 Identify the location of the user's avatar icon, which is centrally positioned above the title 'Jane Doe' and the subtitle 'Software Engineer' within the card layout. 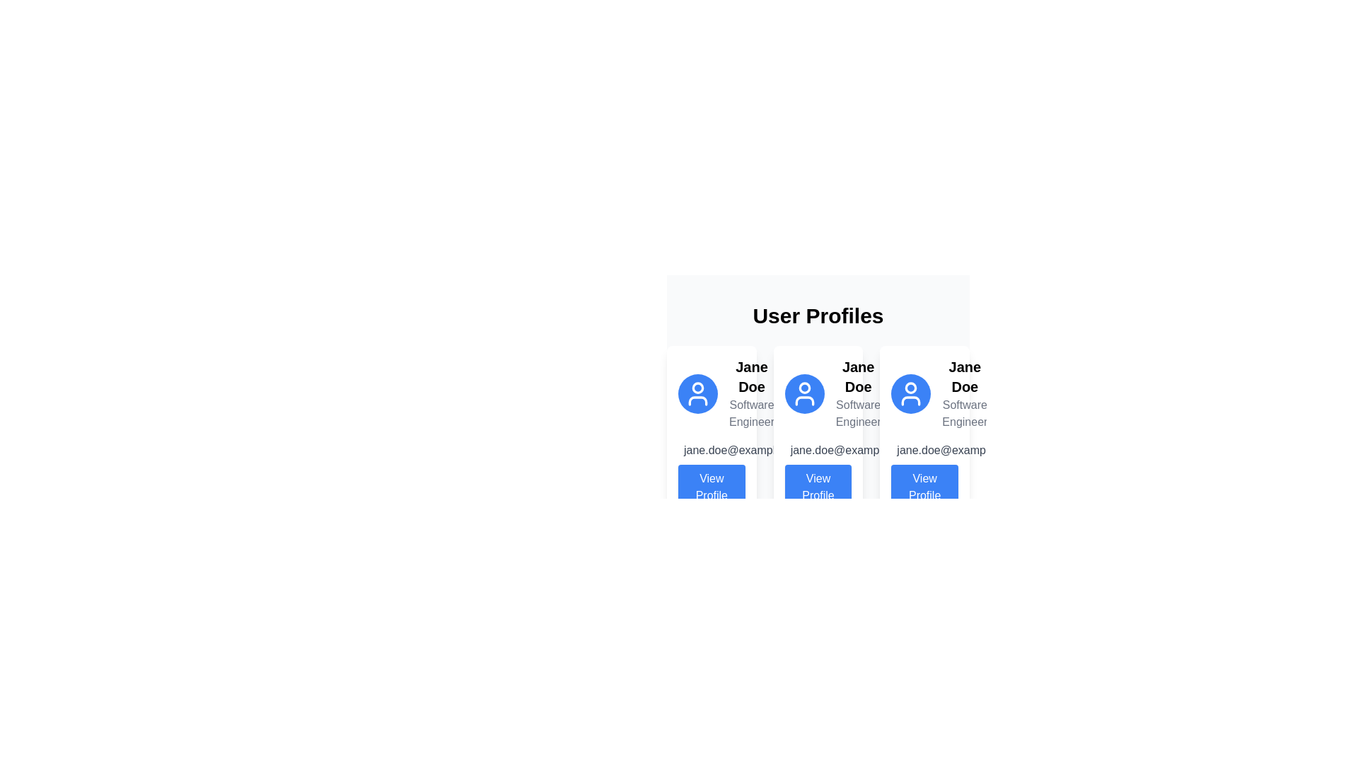
(804, 393).